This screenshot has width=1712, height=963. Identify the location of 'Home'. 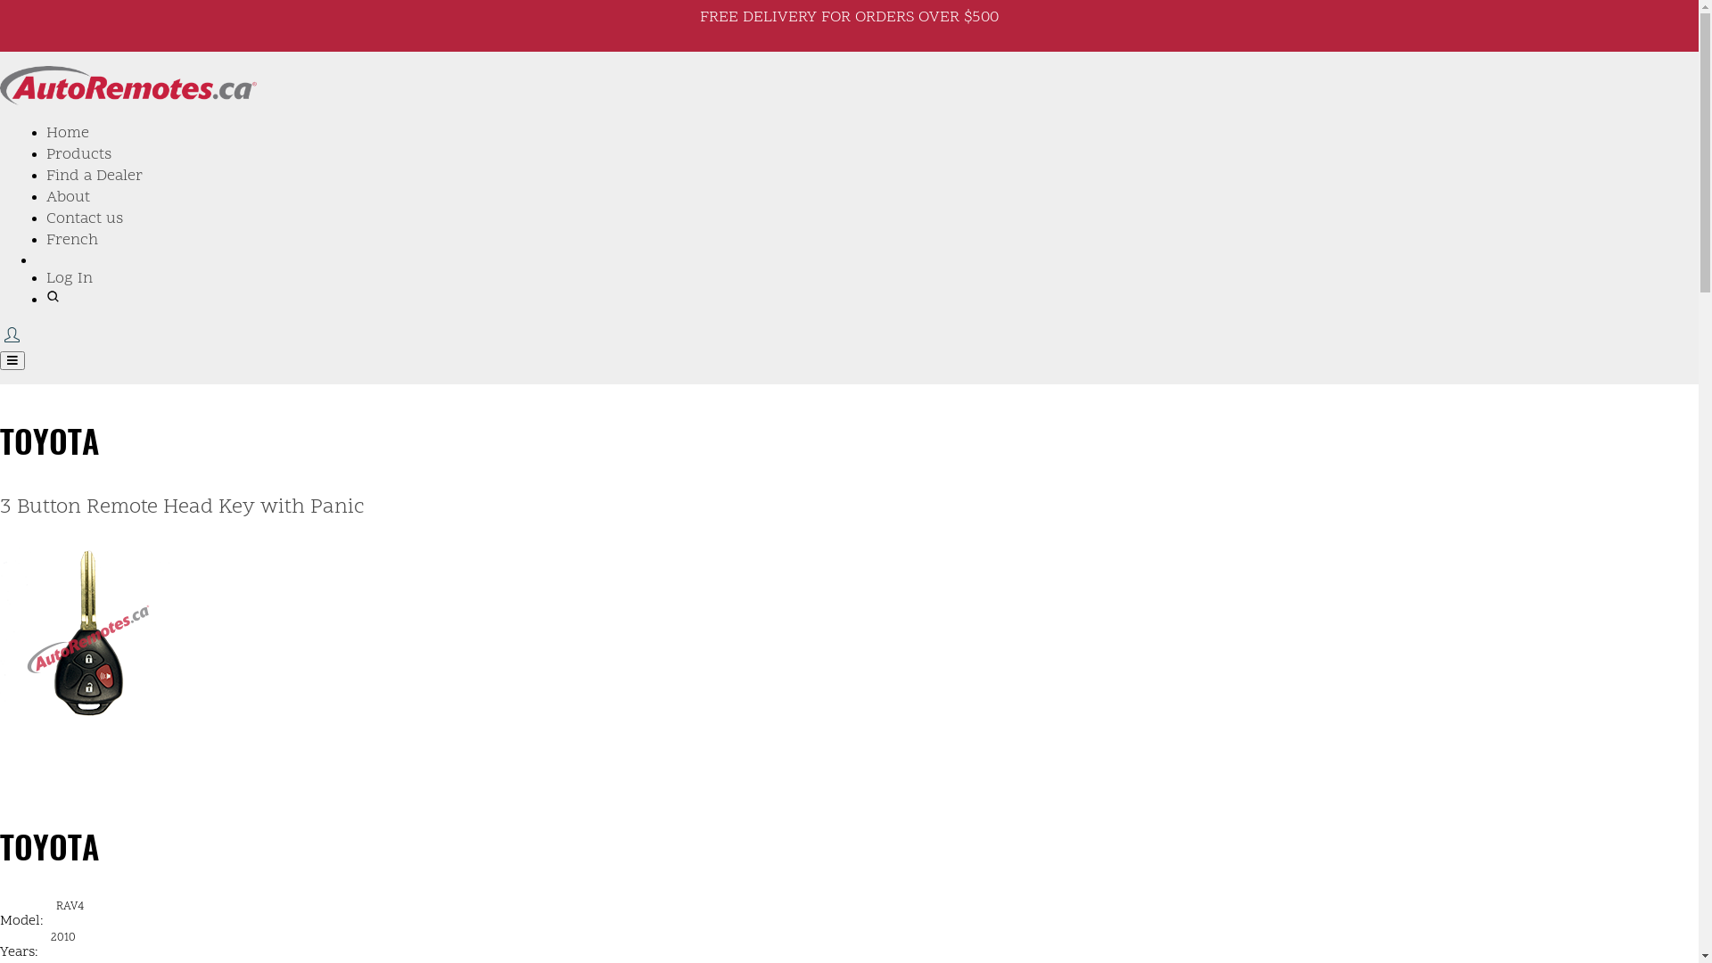
(46, 132).